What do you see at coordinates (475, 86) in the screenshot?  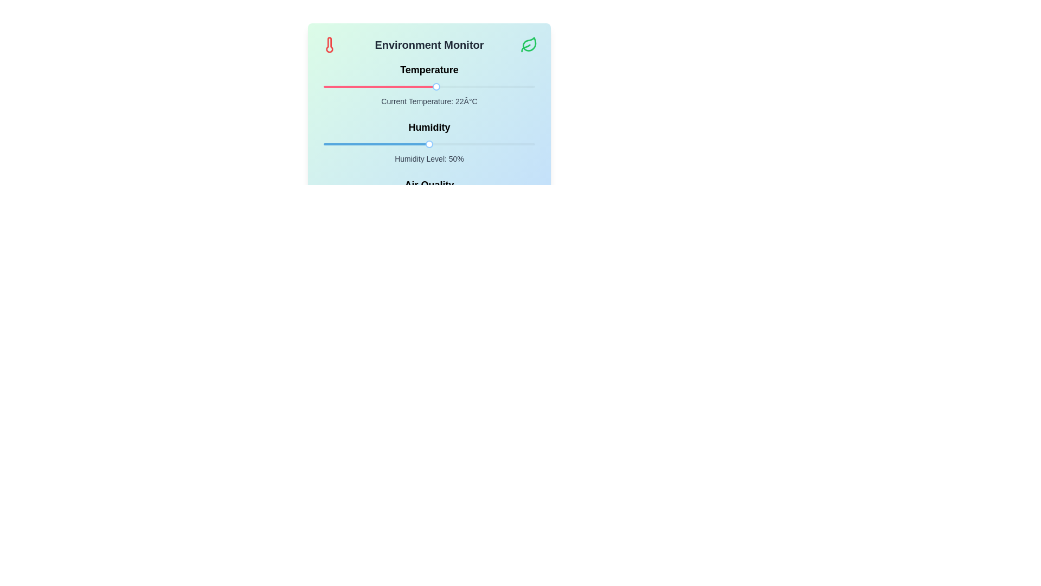 I see `the temperature slider` at bounding box center [475, 86].